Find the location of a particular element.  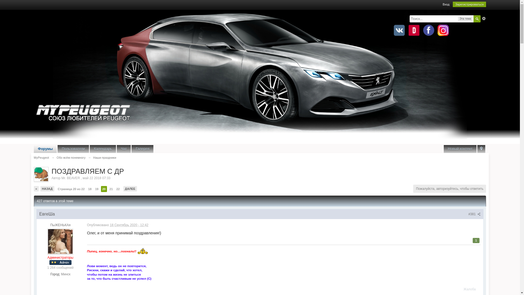

'22' is located at coordinates (118, 188).